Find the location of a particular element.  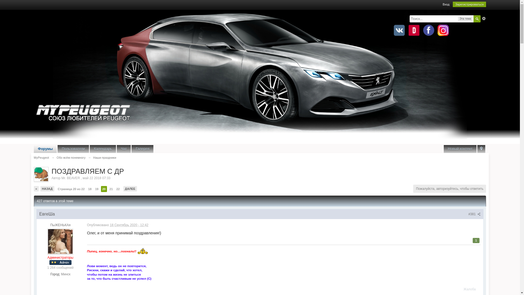

'22' is located at coordinates (118, 188).